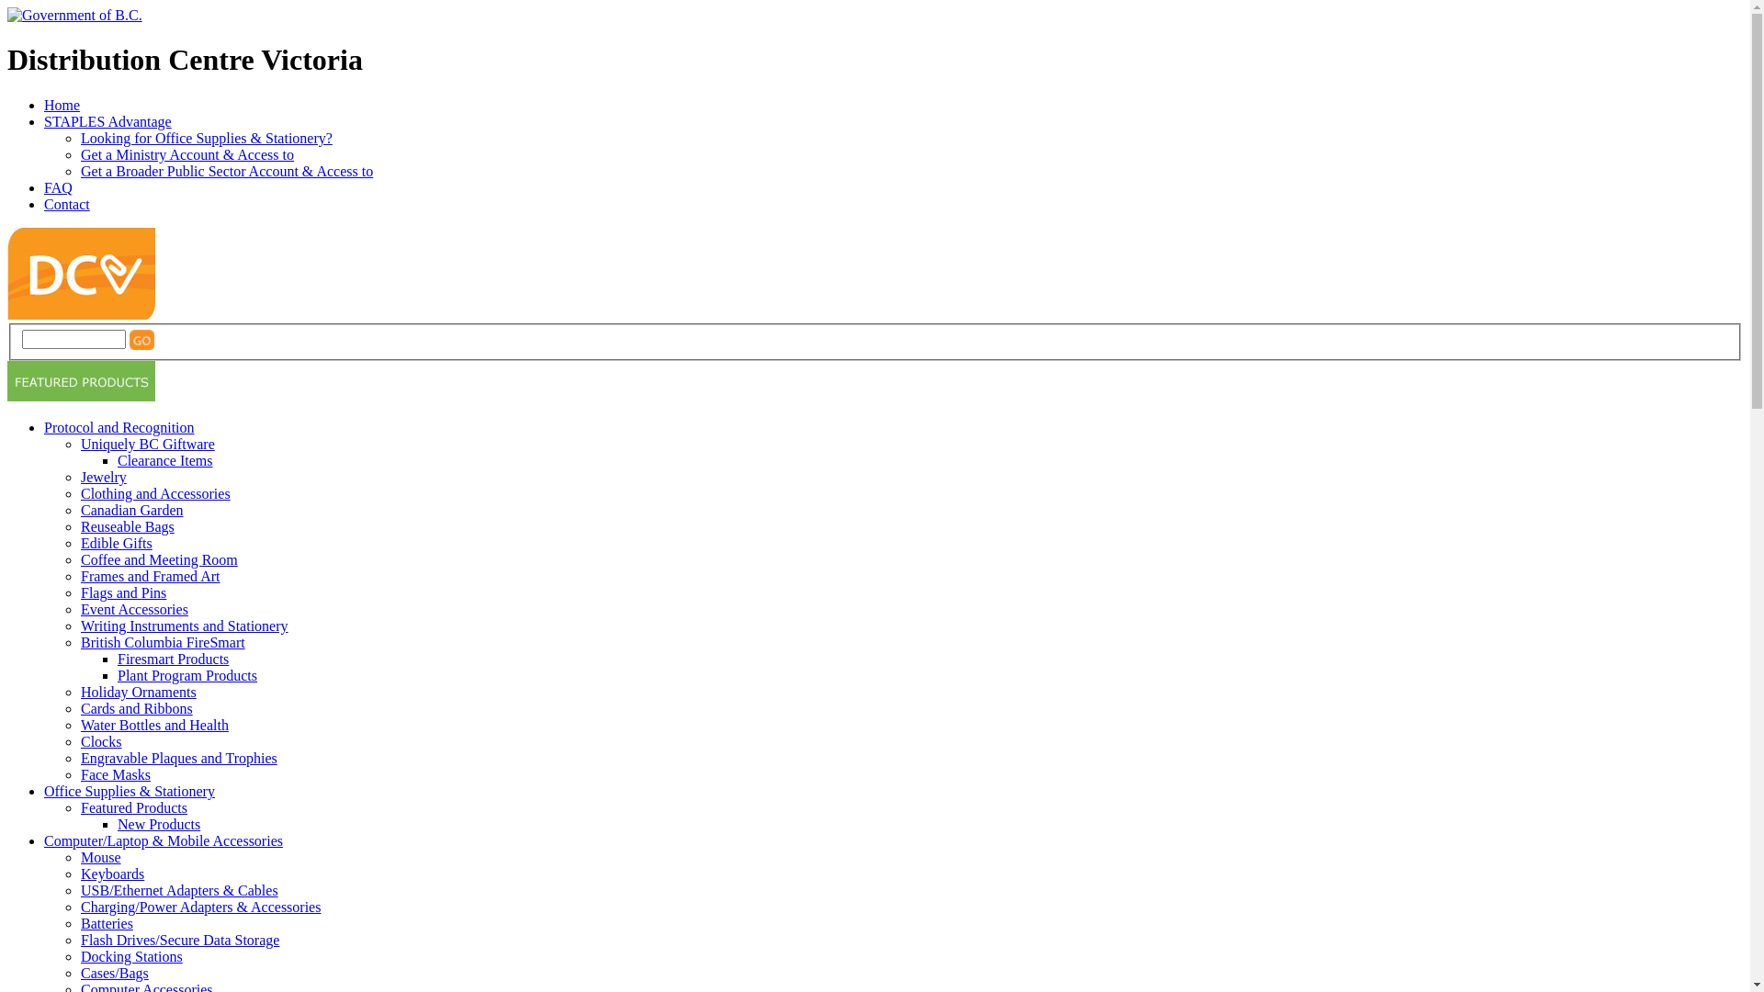  What do you see at coordinates (100, 857) in the screenshot?
I see `'Mouse'` at bounding box center [100, 857].